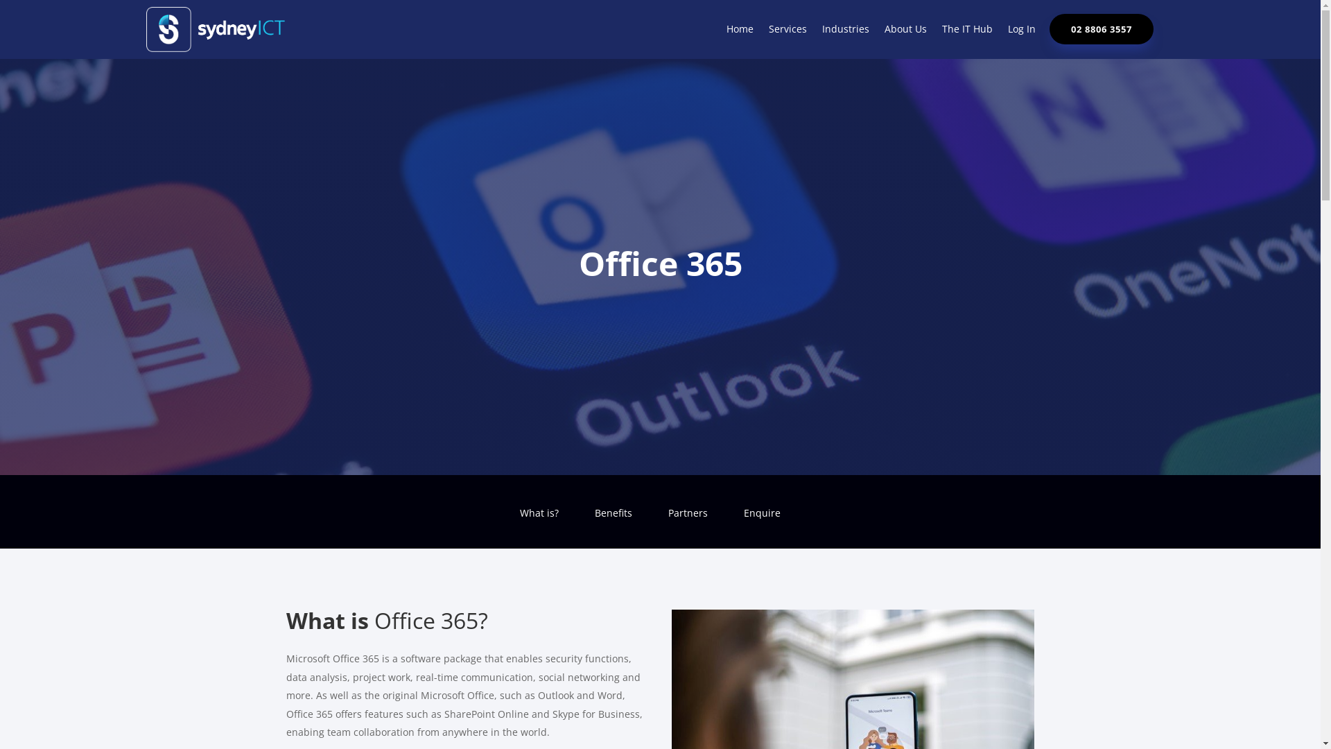 The image size is (1331, 749). Describe the element at coordinates (767, 31) in the screenshot. I see `'Services'` at that location.